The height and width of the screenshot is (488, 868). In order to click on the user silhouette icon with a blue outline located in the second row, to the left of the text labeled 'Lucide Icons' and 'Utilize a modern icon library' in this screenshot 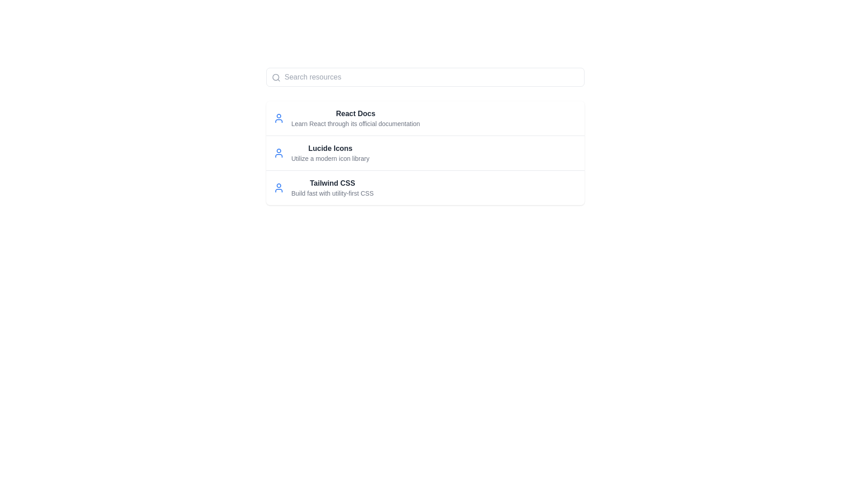, I will do `click(278, 153)`.